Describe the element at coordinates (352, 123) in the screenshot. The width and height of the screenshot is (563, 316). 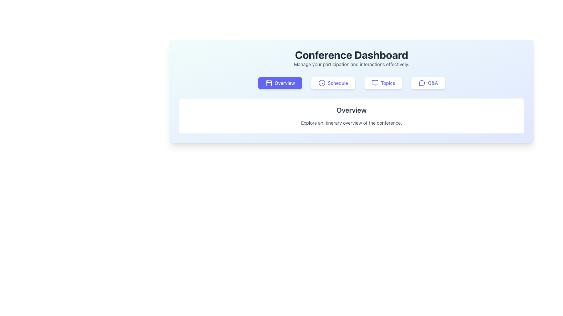
I see `the Text Label displaying 'Explore an itinerary overview of the conference.' which is styled in gray font and positioned below the title 'Overview'` at that location.